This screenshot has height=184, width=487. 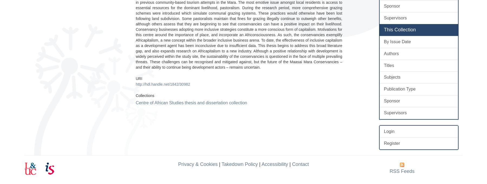 What do you see at coordinates (163, 84) in the screenshot?
I see `'http://hdl.handle.net/1842/30982'` at bounding box center [163, 84].